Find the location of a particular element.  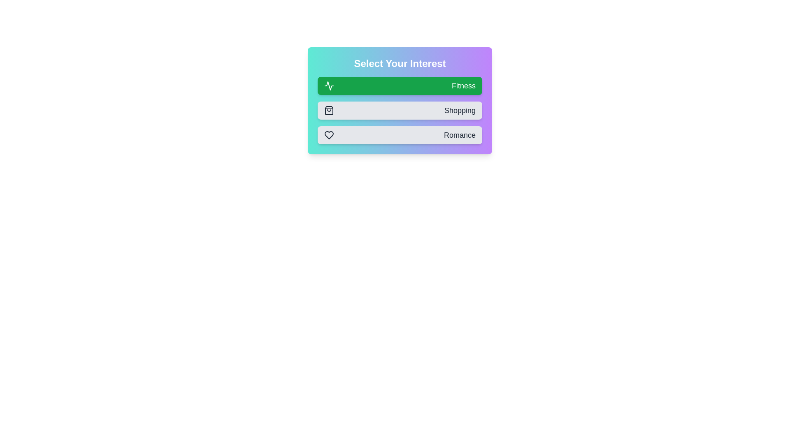

the Romance button to observe its hover effect is located at coordinates (400, 134).